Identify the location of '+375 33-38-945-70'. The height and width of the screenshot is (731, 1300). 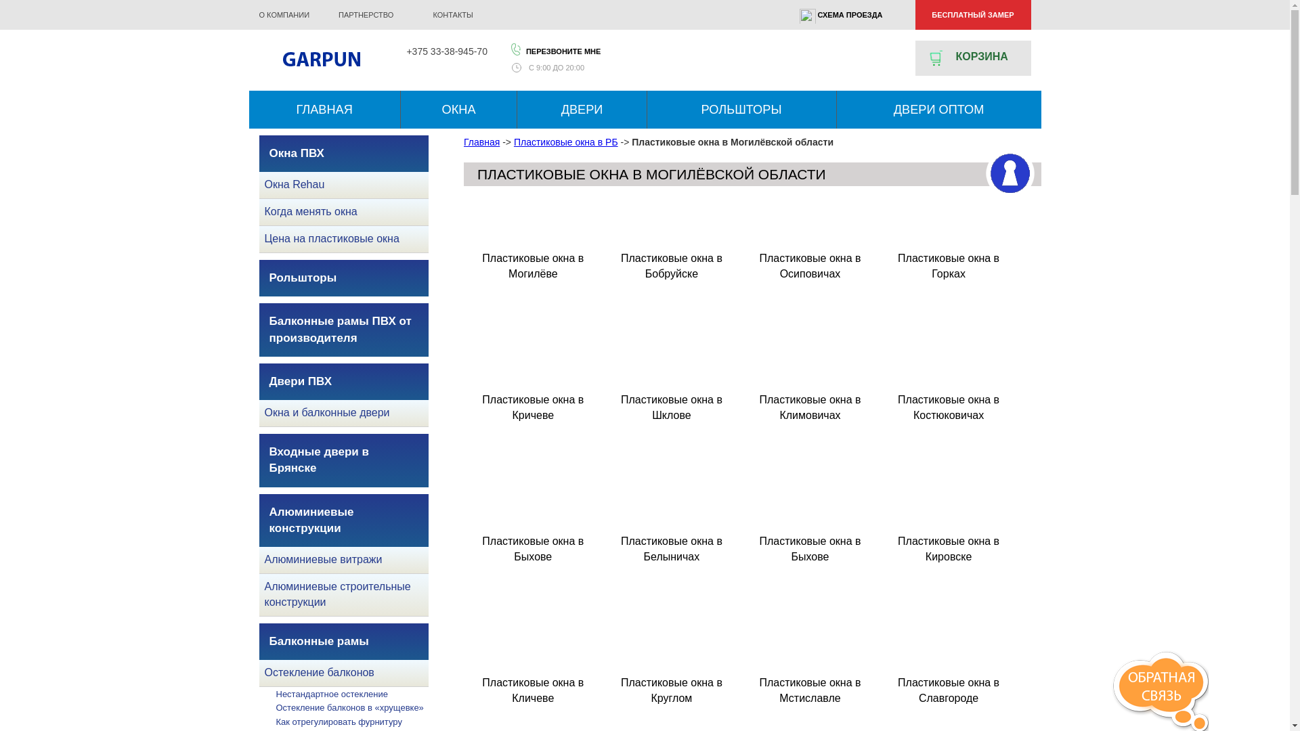
(446, 51).